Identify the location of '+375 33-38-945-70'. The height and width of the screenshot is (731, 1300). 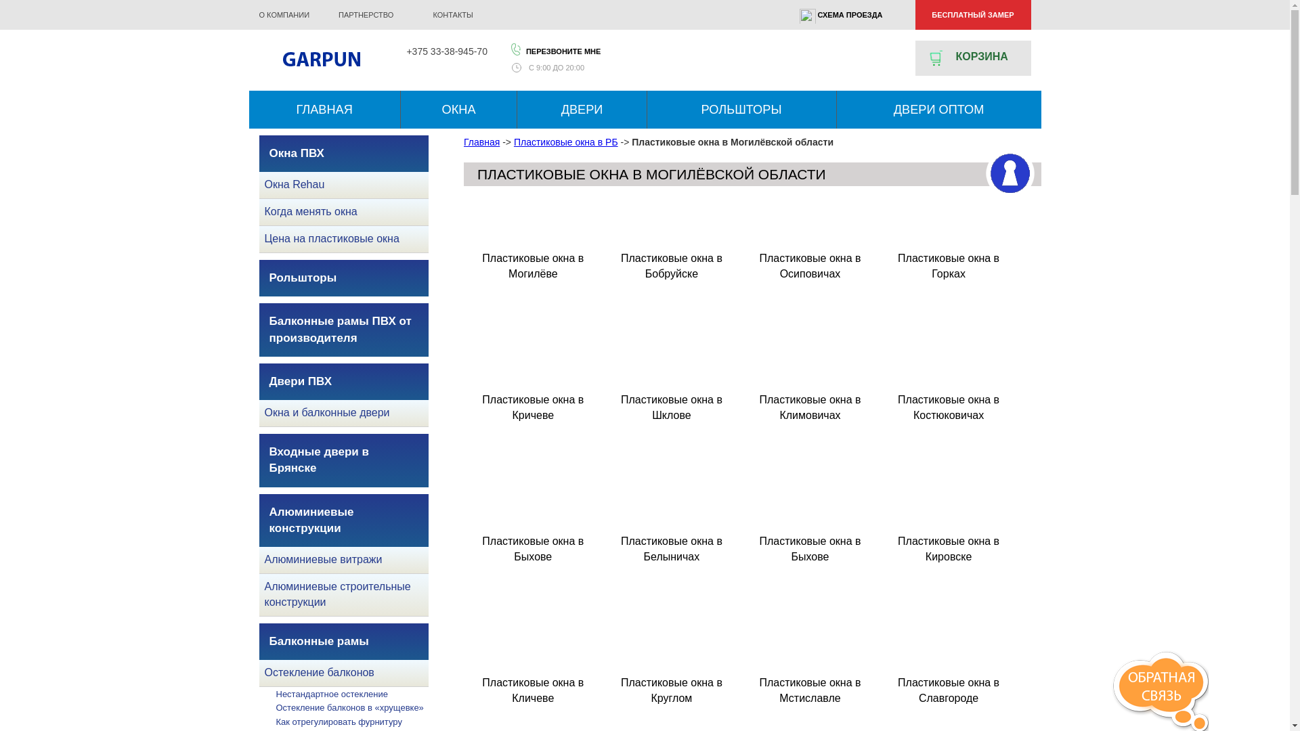
(446, 51).